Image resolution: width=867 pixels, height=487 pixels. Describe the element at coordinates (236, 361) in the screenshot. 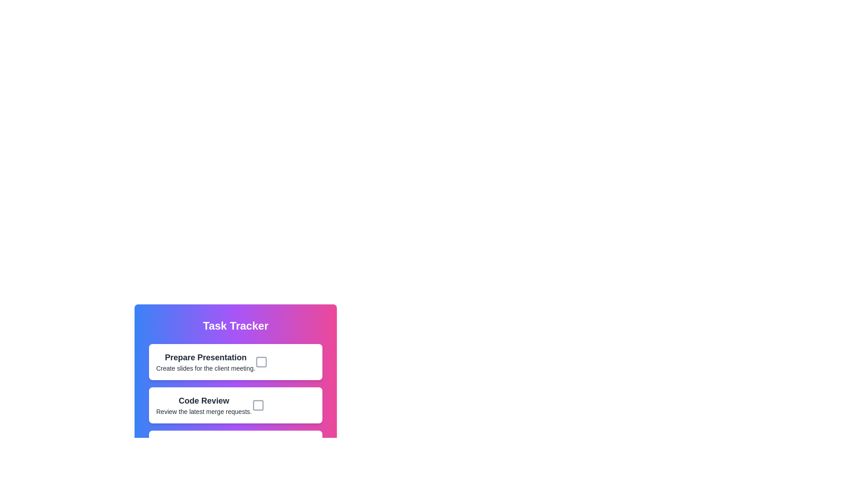

I see `the topmost task card in the to-do list, located directly below the 'Task Tracker' header` at that location.